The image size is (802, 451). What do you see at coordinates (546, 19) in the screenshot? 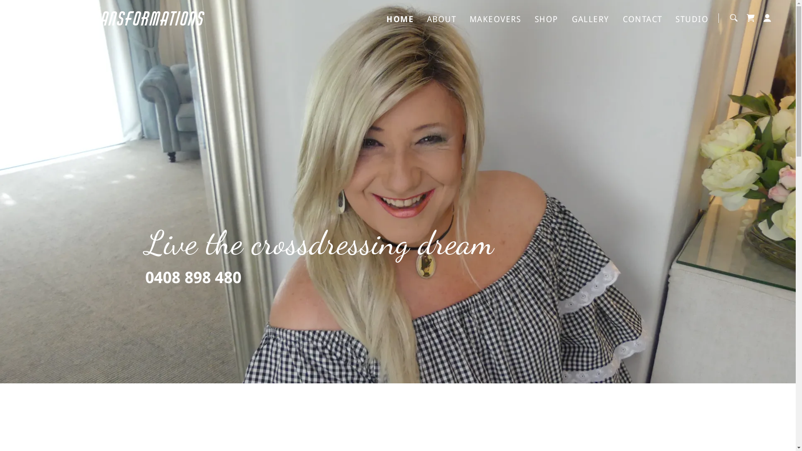
I see `'SHOP'` at bounding box center [546, 19].